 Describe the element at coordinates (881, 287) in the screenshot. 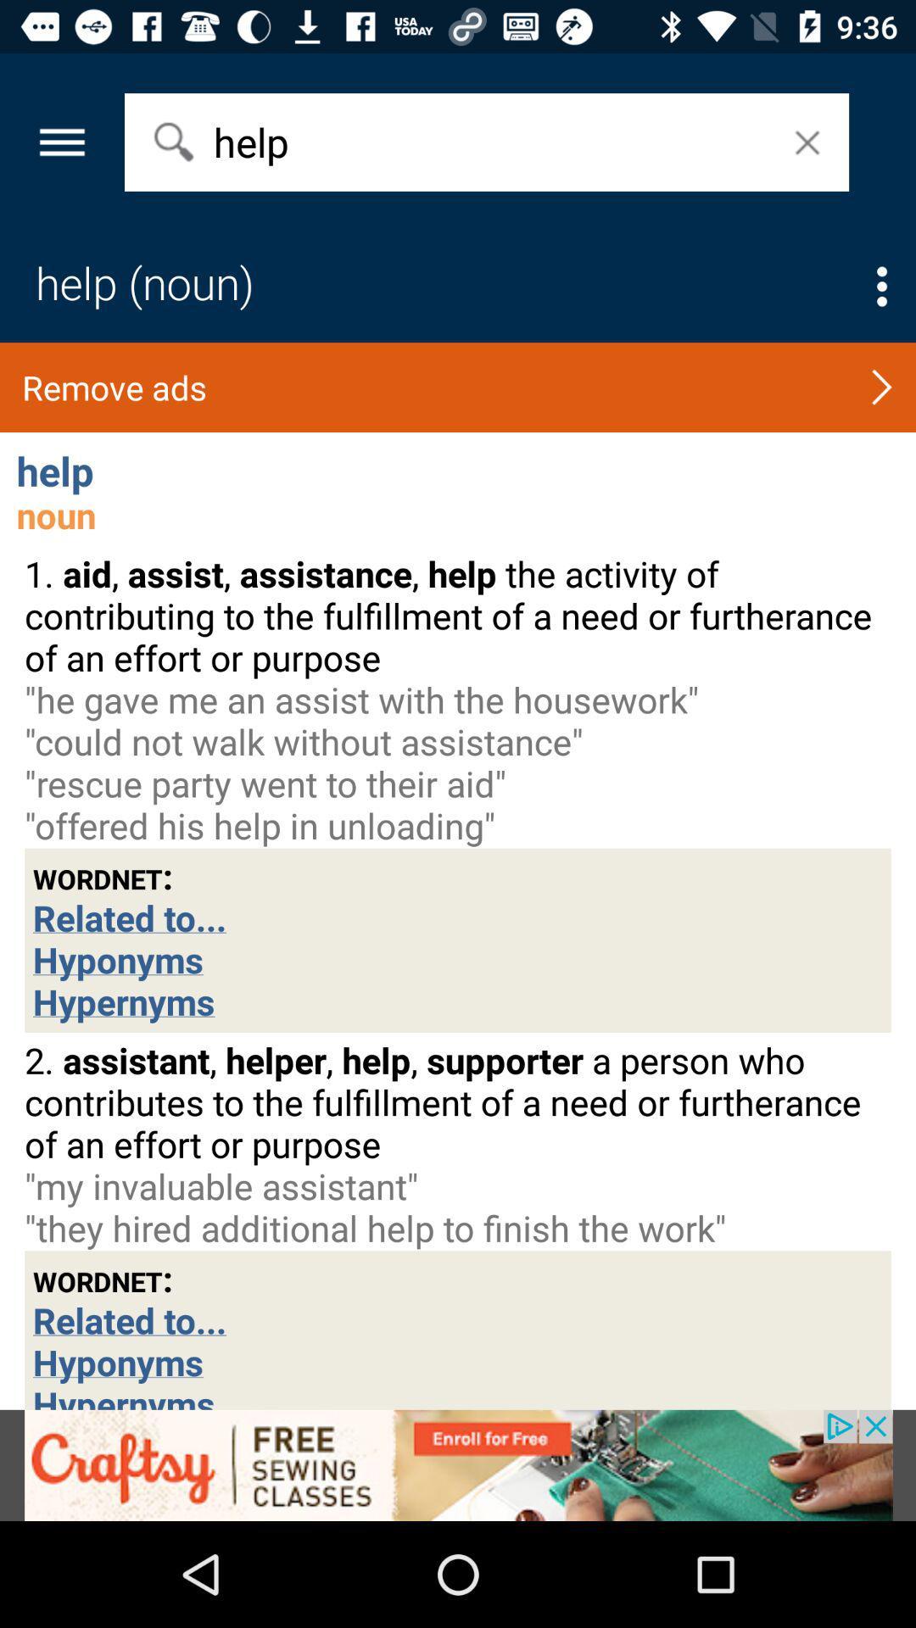

I see `options menu` at that location.